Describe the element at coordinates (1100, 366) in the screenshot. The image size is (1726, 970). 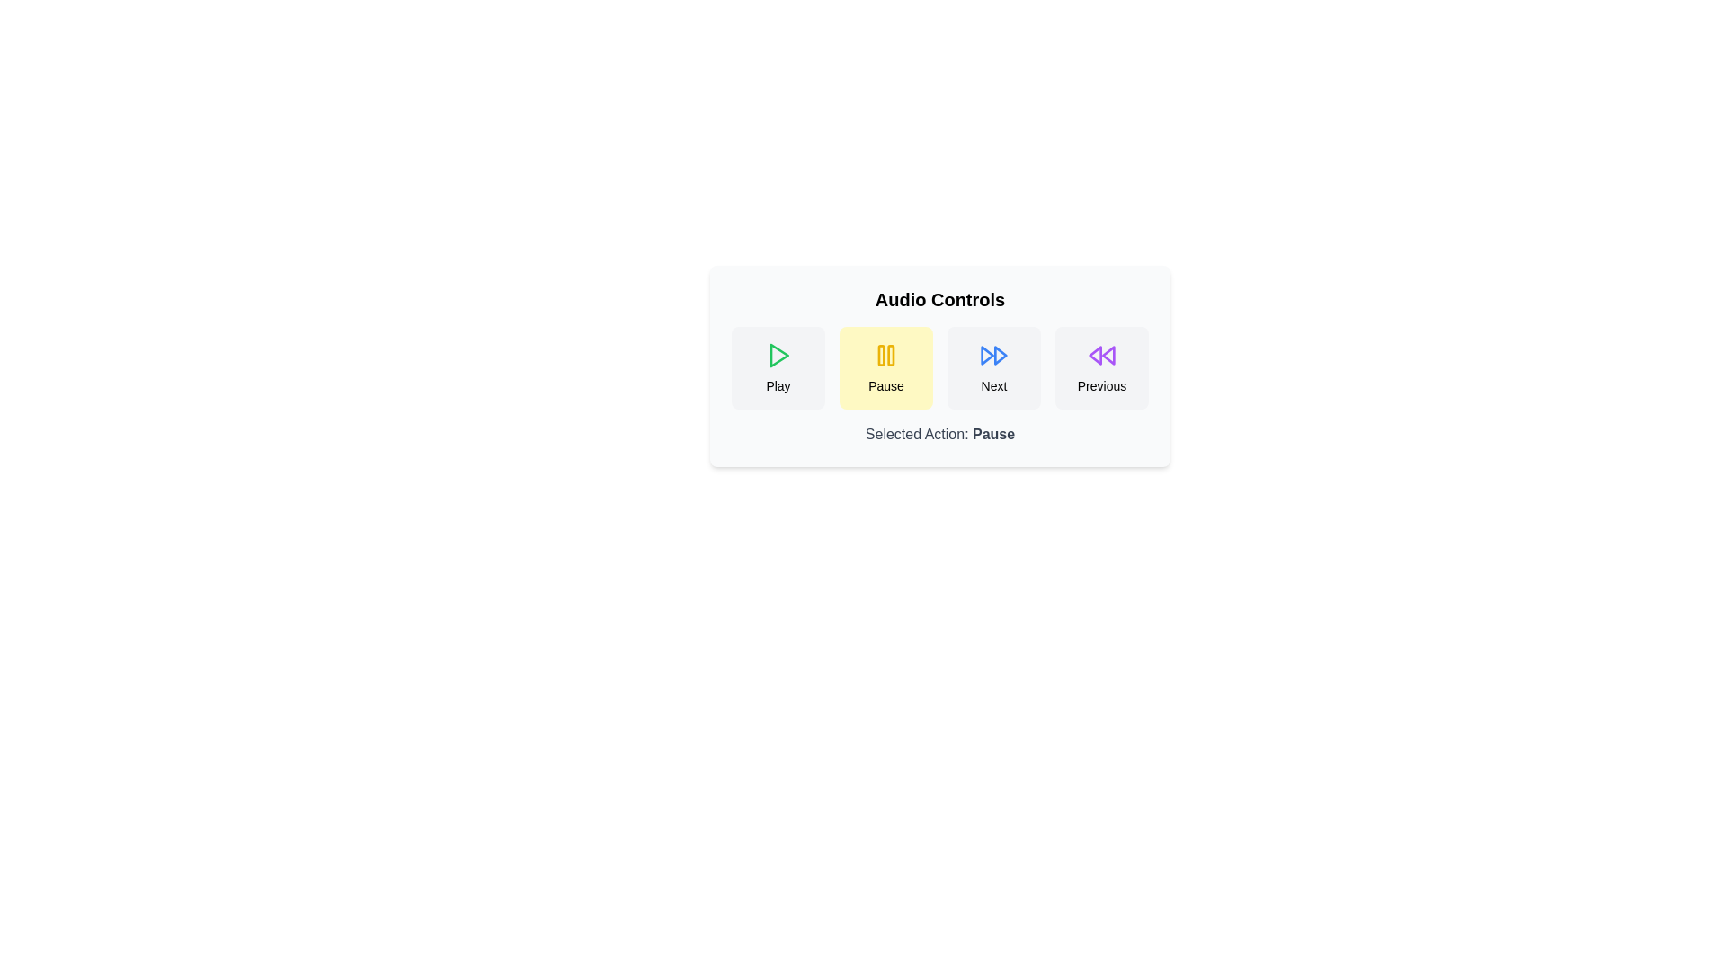
I see `the action Previous by clicking on the corresponding button` at that location.